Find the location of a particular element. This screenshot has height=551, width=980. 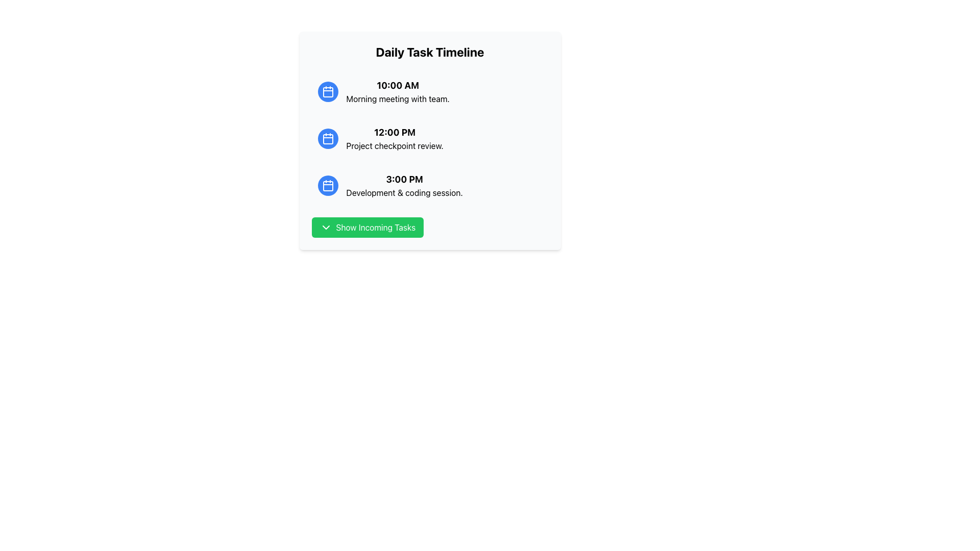

time information from the text label indicating '12:00 PM', which is located in the second task entry of the task list, positioned between '10:00 AM' and '3:00 PM' is located at coordinates (394, 132).